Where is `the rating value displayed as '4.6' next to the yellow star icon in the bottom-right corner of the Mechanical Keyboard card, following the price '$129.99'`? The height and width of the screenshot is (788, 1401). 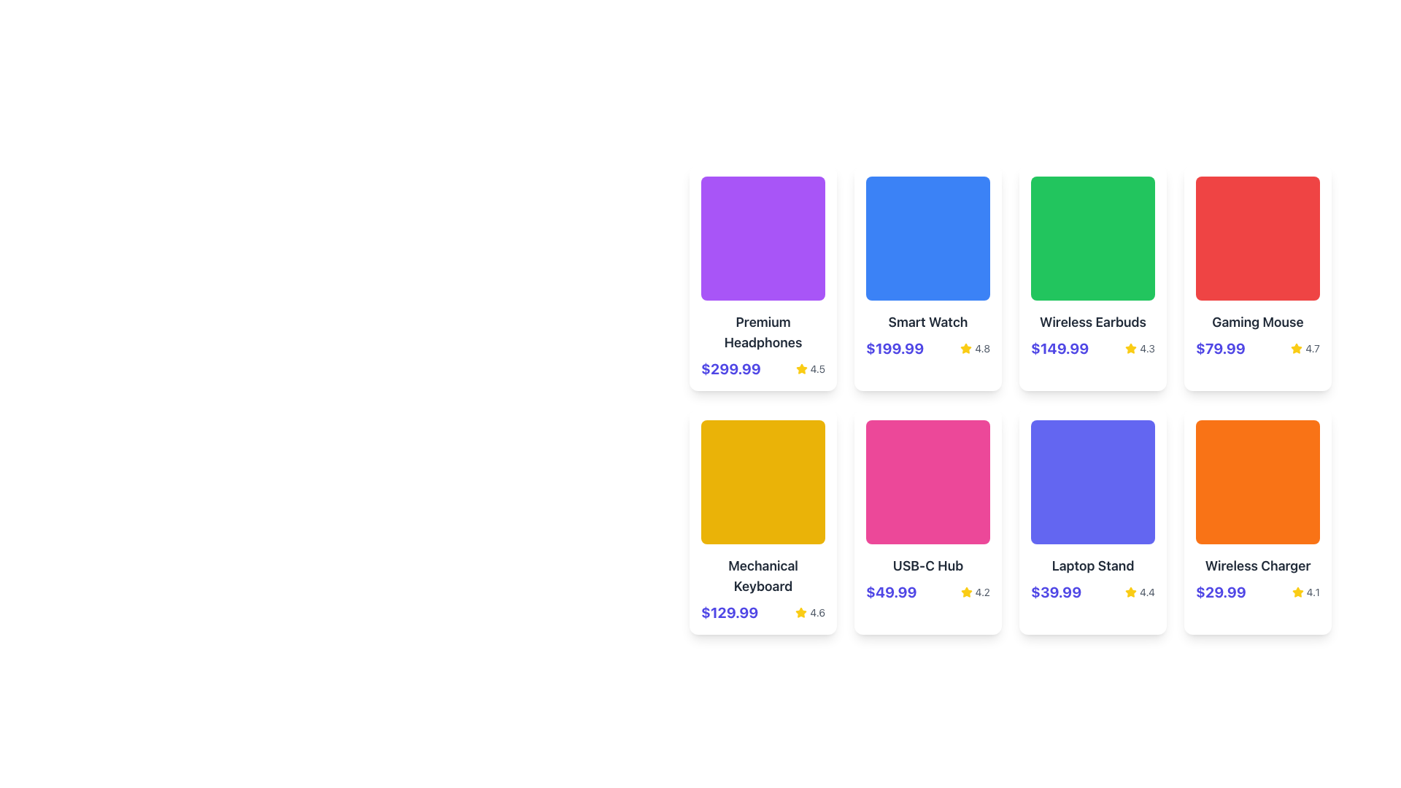 the rating value displayed as '4.6' next to the yellow star icon in the bottom-right corner of the Mechanical Keyboard card, following the price '$129.99' is located at coordinates (809, 613).